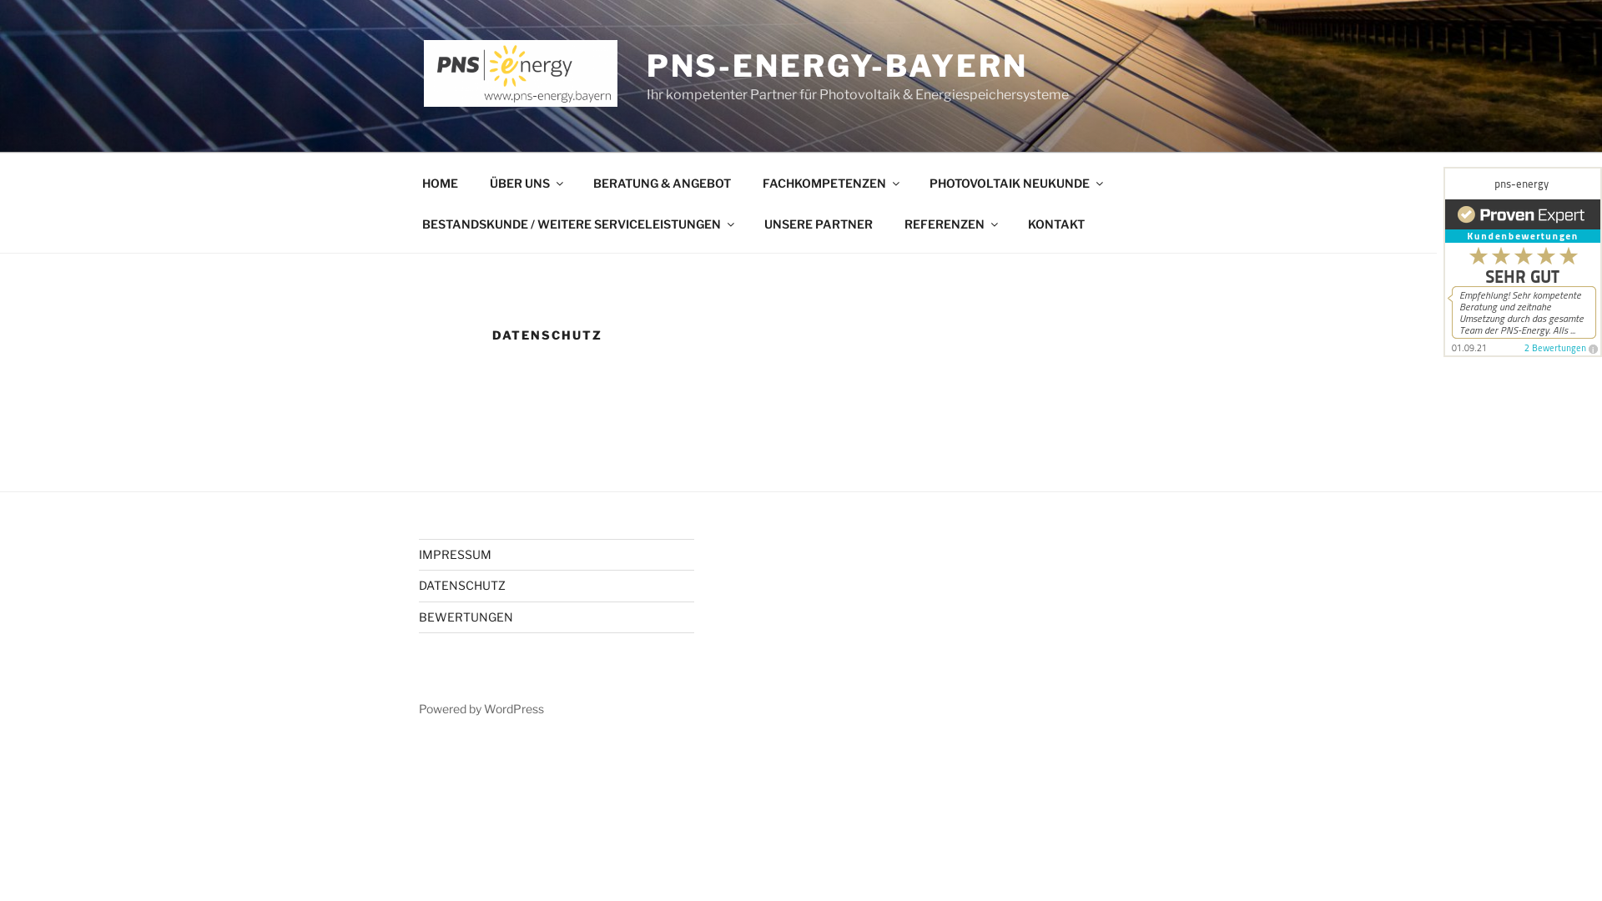 The height and width of the screenshot is (901, 1602). What do you see at coordinates (1014, 182) in the screenshot?
I see `'PHOTOVOLTAIK NEUKUNDE'` at bounding box center [1014, 182].